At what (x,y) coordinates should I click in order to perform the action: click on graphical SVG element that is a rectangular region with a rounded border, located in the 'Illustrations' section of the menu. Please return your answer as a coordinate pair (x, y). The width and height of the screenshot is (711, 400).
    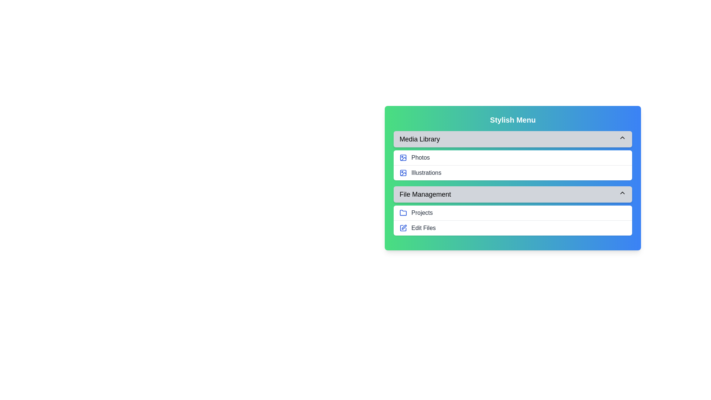
    Looking at the image, I should click on (403, 173).